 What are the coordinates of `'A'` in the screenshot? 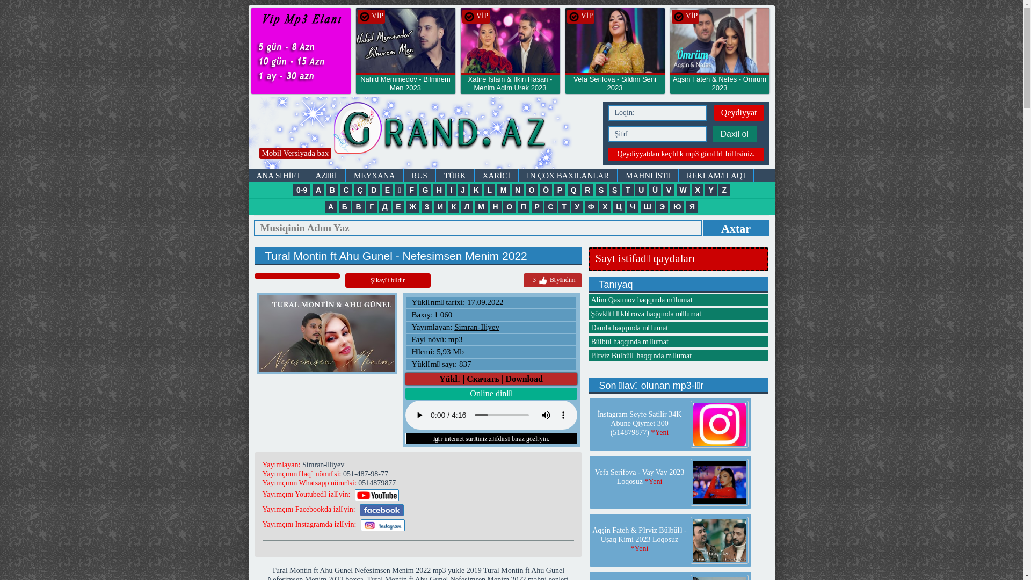 It's located at (318, 190).